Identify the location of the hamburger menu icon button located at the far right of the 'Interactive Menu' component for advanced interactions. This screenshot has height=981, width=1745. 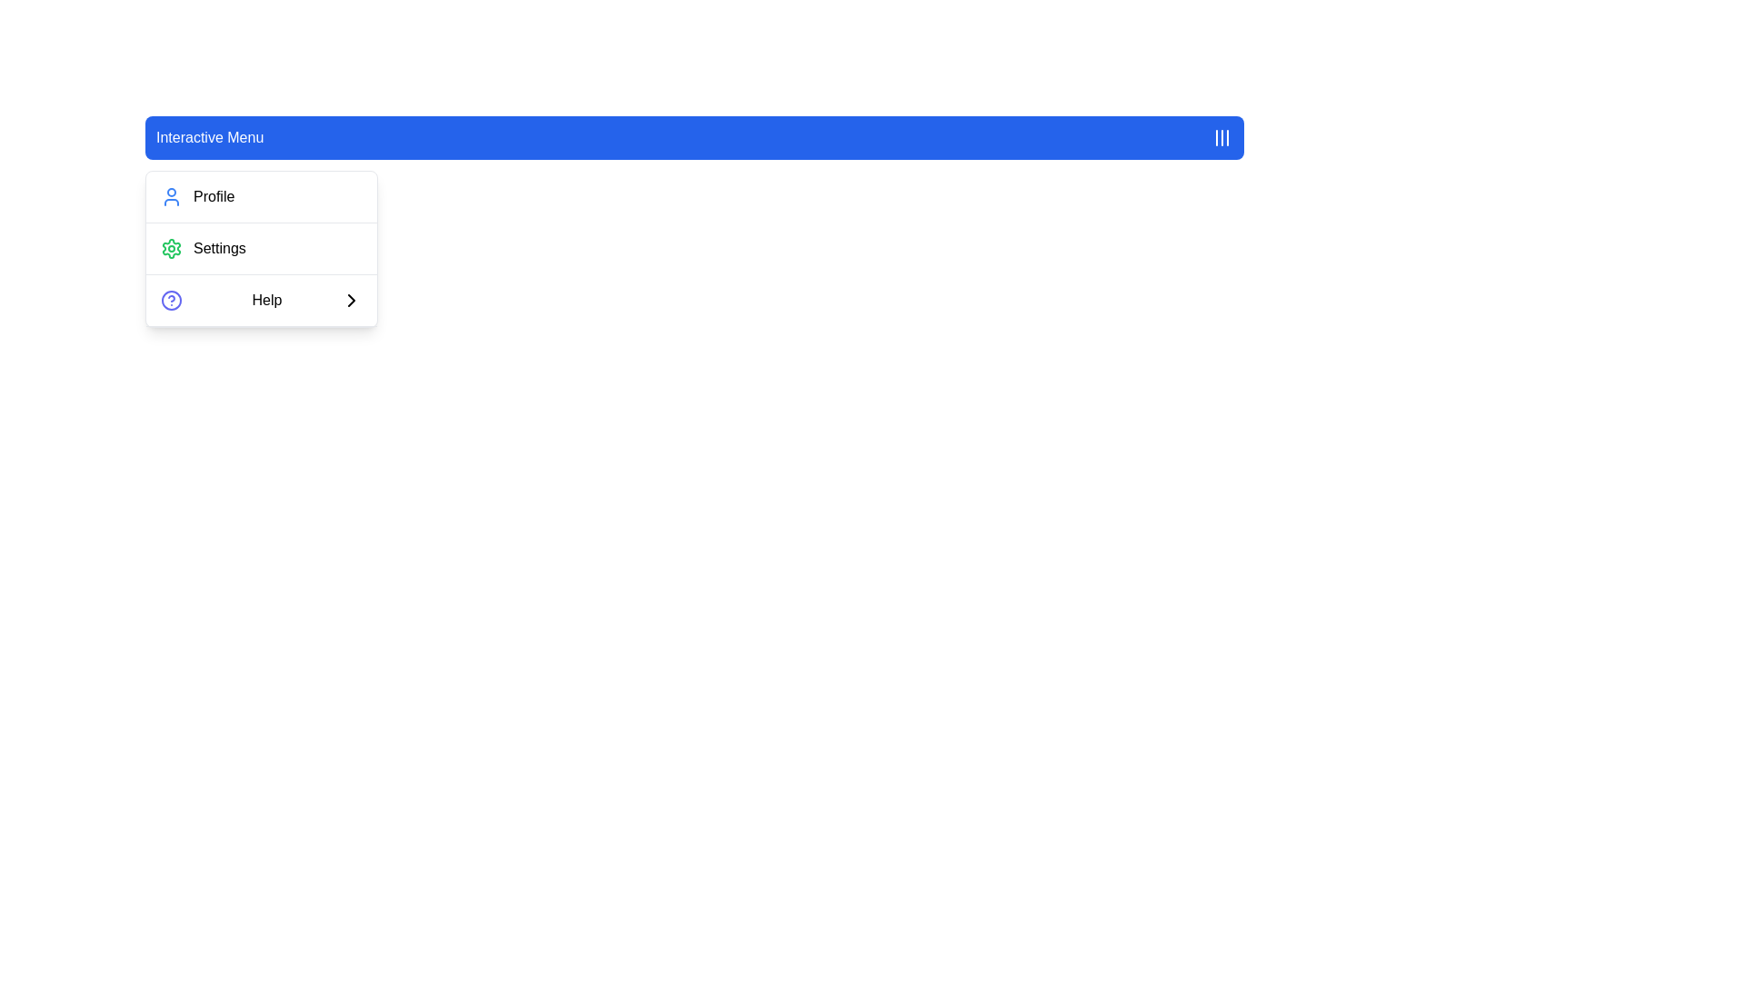
(1221, 136).